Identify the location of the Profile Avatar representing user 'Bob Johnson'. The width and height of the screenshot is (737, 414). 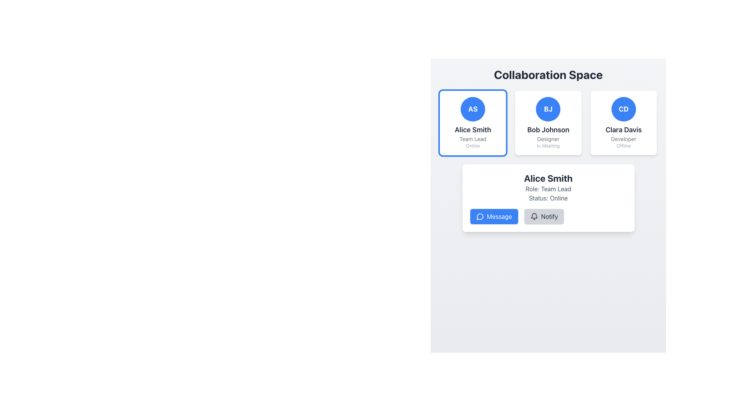
(548, 109).